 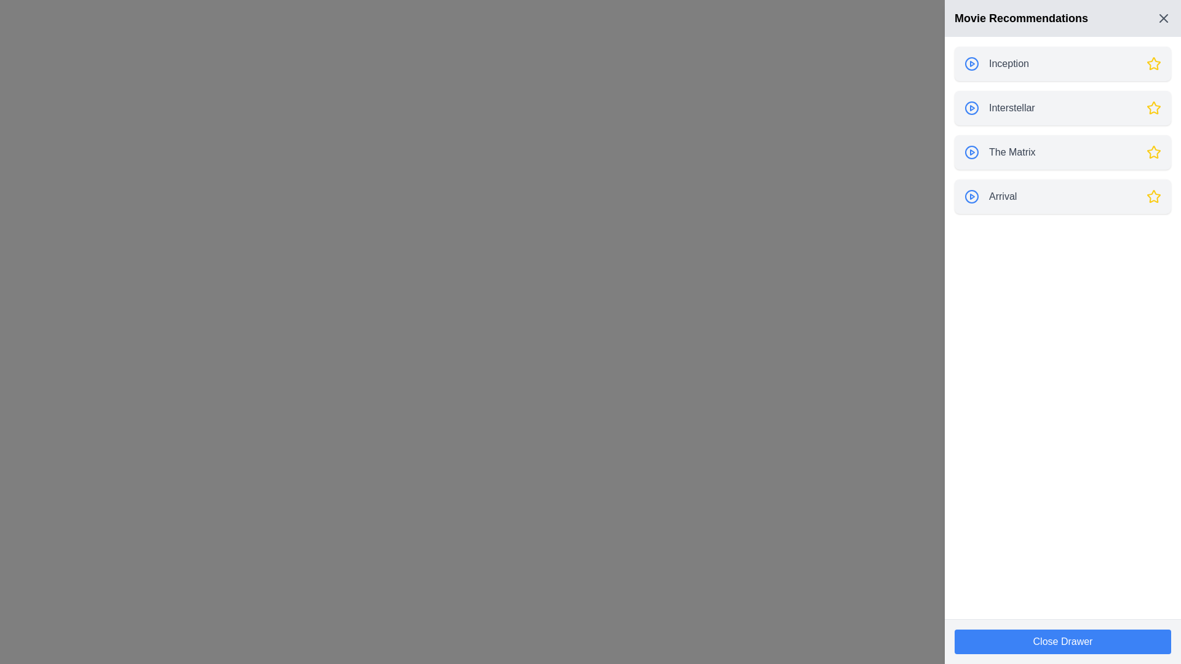 What do you see at coordinates (971, 108) in the screenshot?
I see `the leftmost button in the 'Interstellar' section to initiate media playback` at bounding box center [971, 108].